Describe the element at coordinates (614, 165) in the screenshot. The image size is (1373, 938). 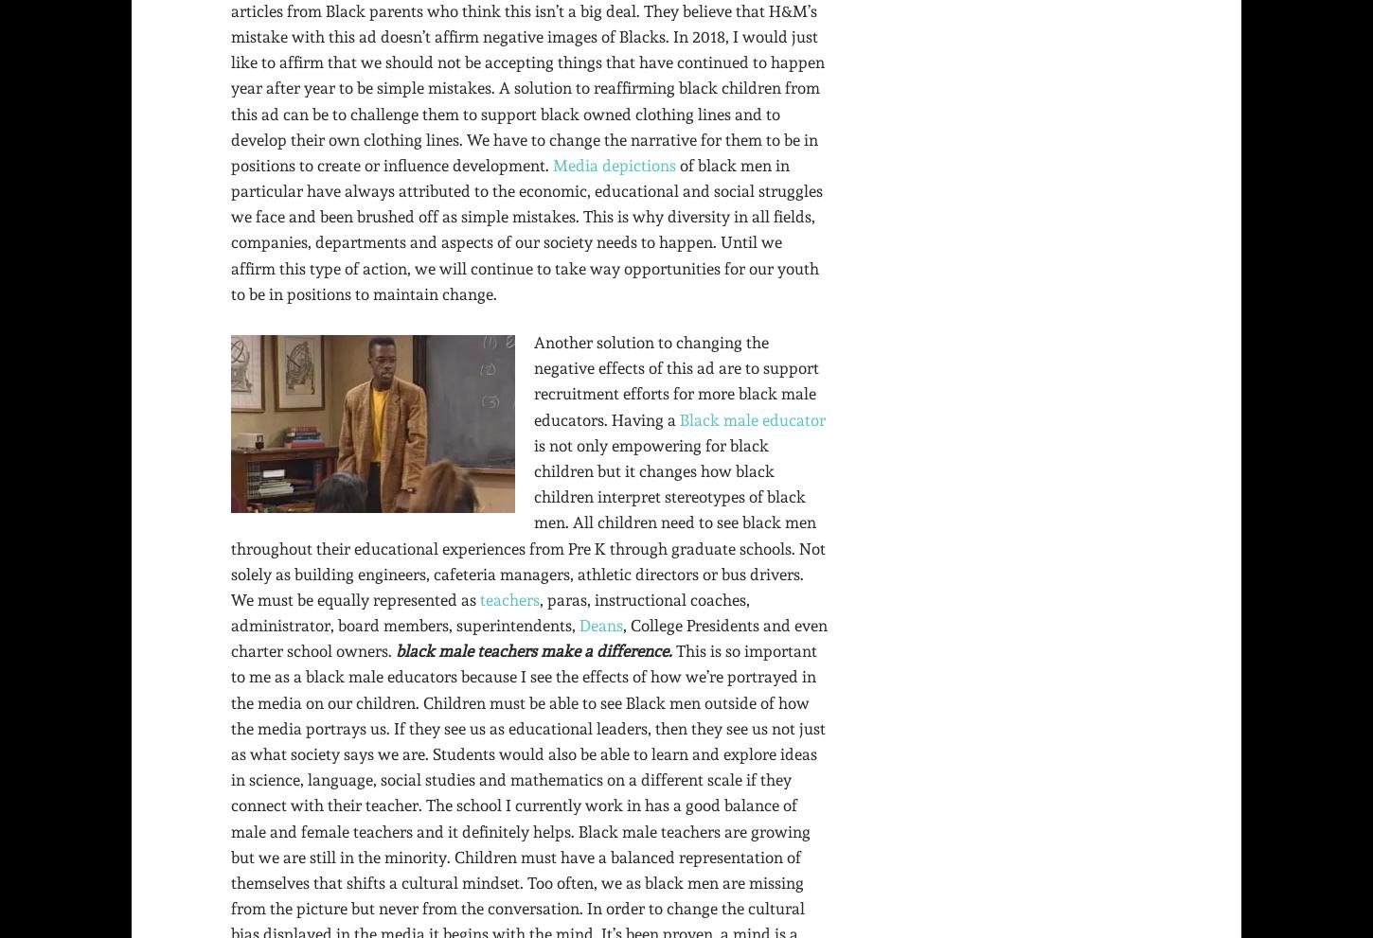
I see `'Media depictions'` at that location.